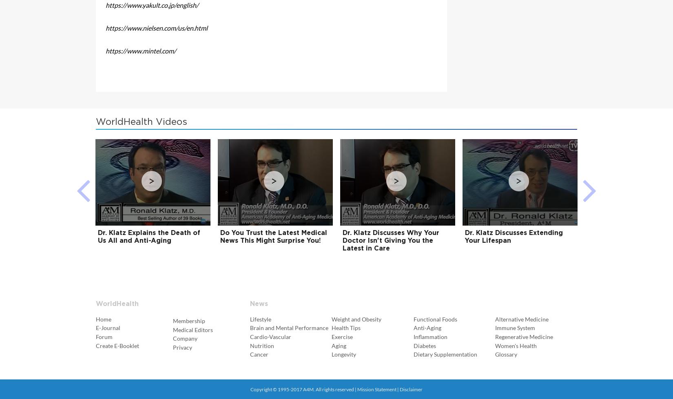  What do you see at coordinates (260, 318) in the screenshot?
I see `'Lifestyle'` at bounding box center [260, 318].